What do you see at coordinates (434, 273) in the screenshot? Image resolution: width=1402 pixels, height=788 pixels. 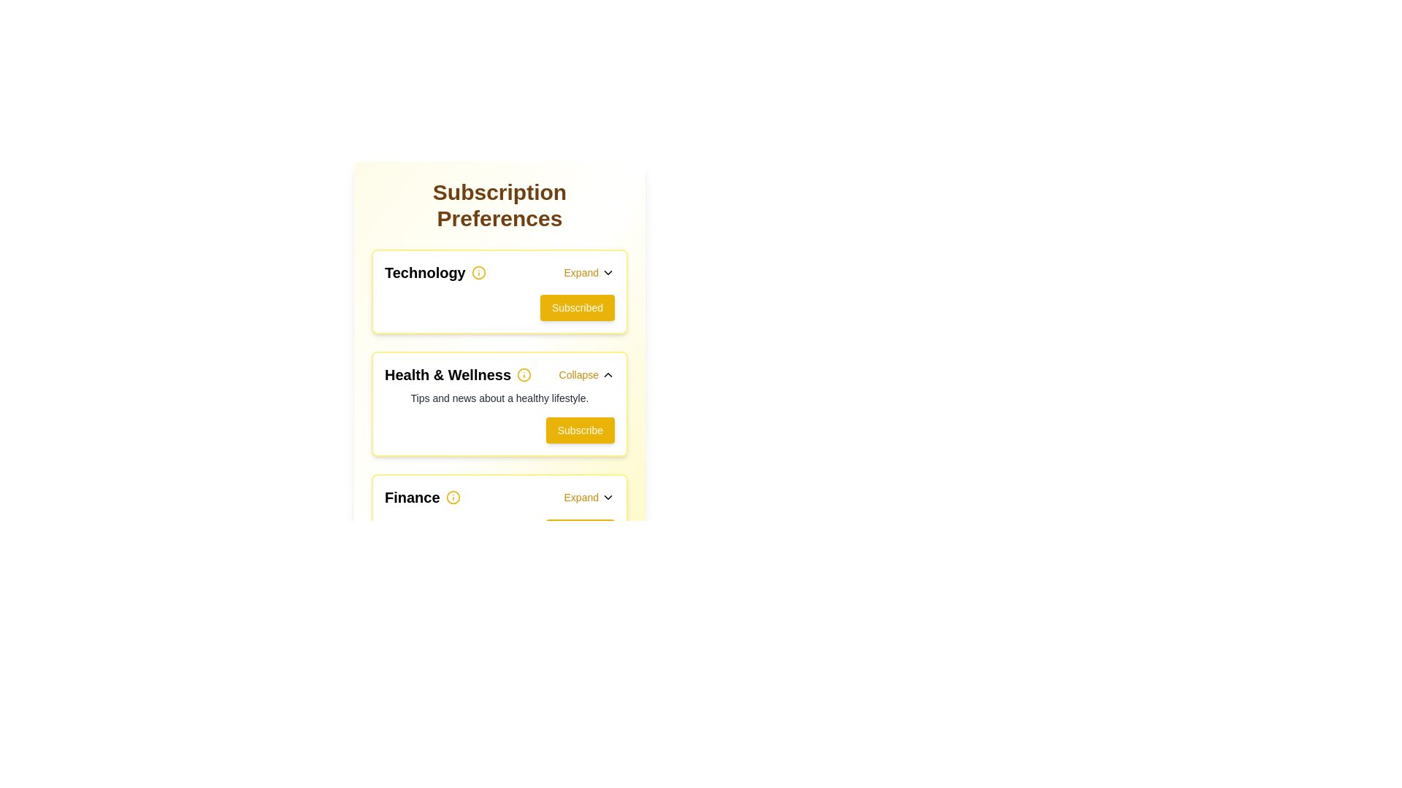 I see `the 'Technology' text with the accompanying yellow information icon` at bounding box center [434, 273].